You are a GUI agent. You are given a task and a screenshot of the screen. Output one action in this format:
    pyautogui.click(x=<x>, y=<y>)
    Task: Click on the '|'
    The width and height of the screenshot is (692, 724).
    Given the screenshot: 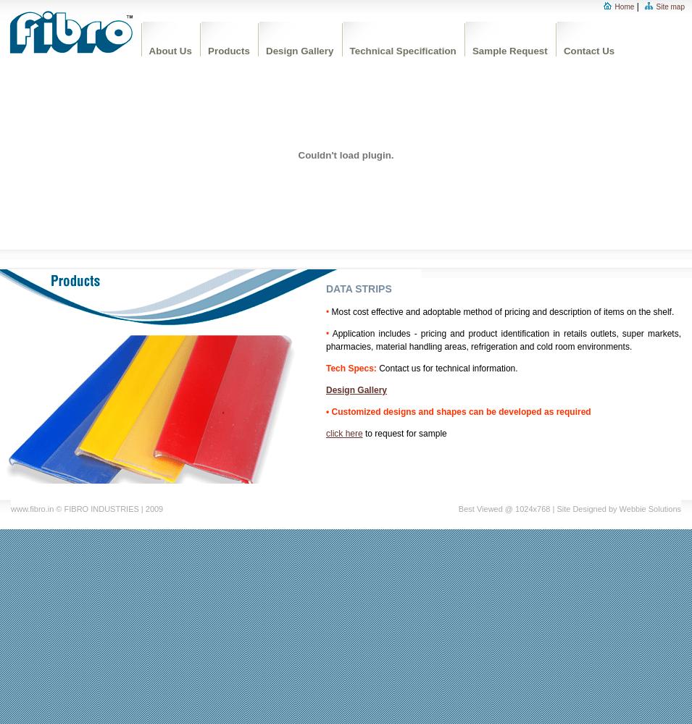 What is the action you would take?
    pyautogui.click(x=636, y=7)
    